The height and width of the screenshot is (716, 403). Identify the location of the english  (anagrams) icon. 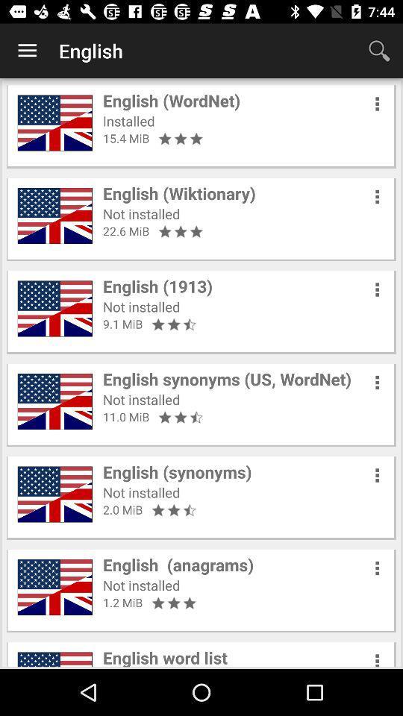
(178, 564).